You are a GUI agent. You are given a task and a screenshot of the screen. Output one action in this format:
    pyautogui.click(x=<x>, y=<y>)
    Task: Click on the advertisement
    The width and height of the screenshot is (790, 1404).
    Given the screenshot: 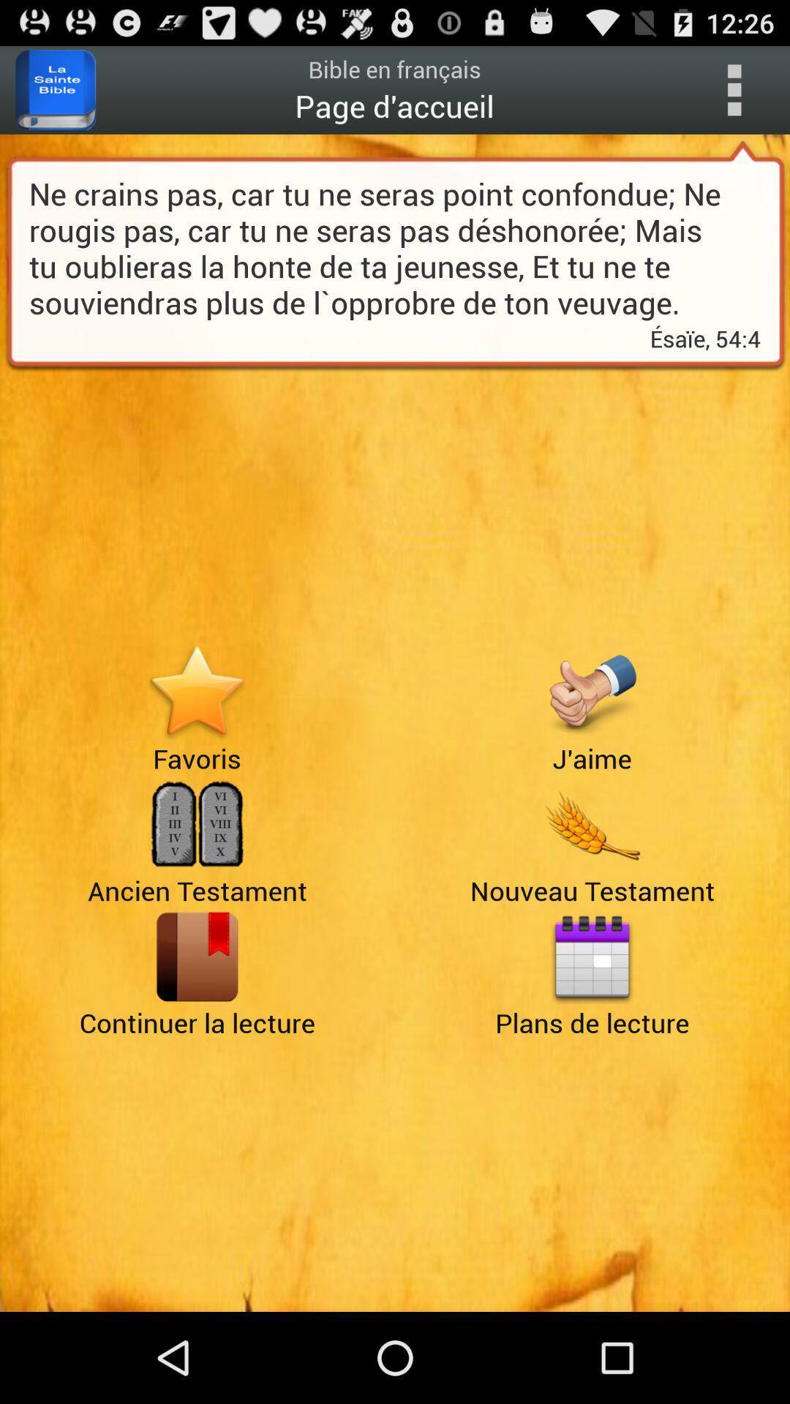 What is the action you would take?
    pyautogui.click(x=196, y=691)
    